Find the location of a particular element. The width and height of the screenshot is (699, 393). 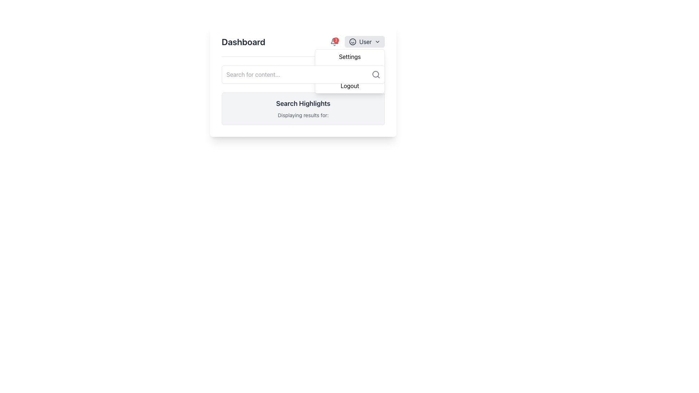

the 'Settings' text link in the drop-down menu located below the 'User' button is located at coordinates (349, 56).